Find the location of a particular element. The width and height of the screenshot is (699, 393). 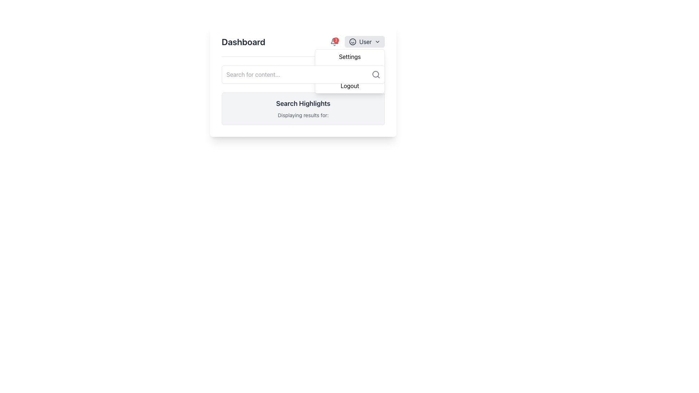

the 'Settings' text link in the drop-down menu located below the 'User' button is located at coordinates (349, 56).